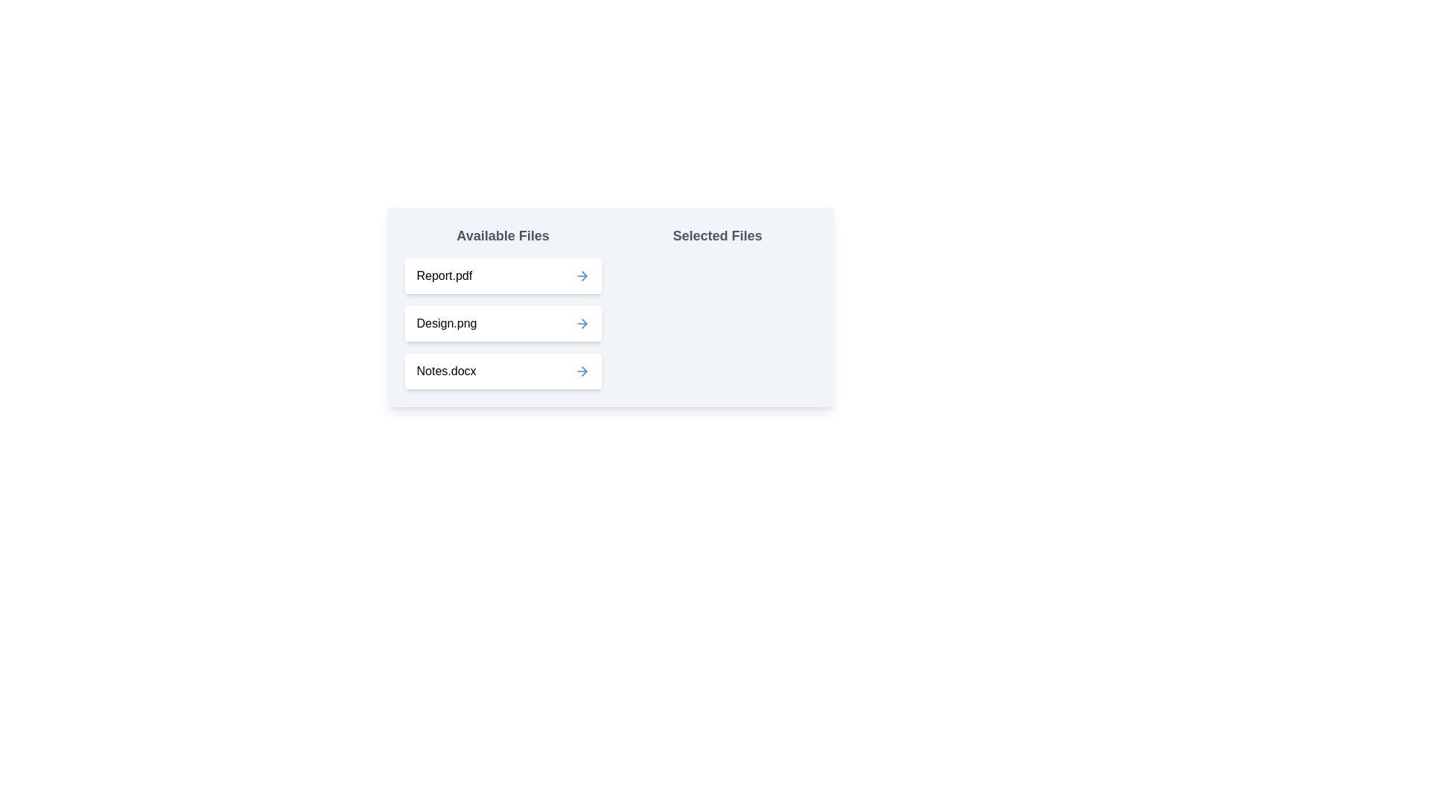  Describe the element at coordinates (446, 323) in the screenshot. I see `the text label 'Design.png' located in the 'Available Files' section` at that location.